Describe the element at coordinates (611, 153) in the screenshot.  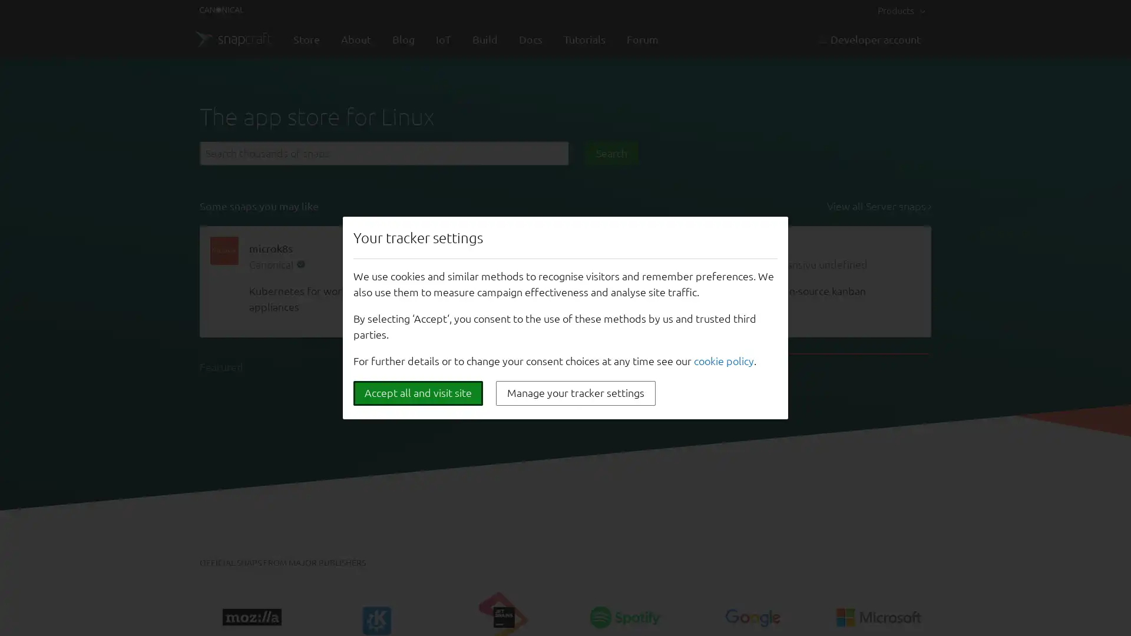
I see `Search` at that location.